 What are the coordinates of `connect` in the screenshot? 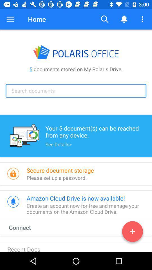 It's located at (132, 233).